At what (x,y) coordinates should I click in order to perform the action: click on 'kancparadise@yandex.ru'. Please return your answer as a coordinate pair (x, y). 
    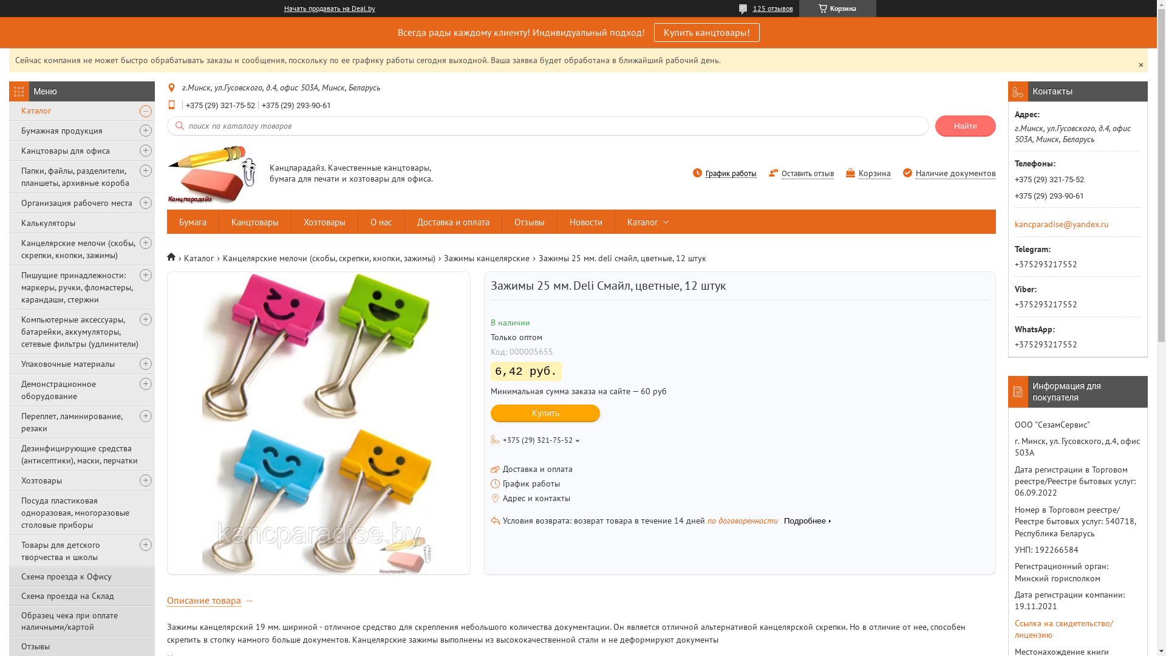
    Looking at the image, I should click on (1061, 223).